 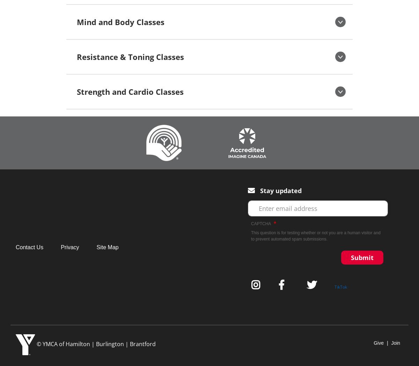 What do you see at coordinates (284, 284) in the screenshot?
I see `'Facebook'` at bounding box center [284, 284].